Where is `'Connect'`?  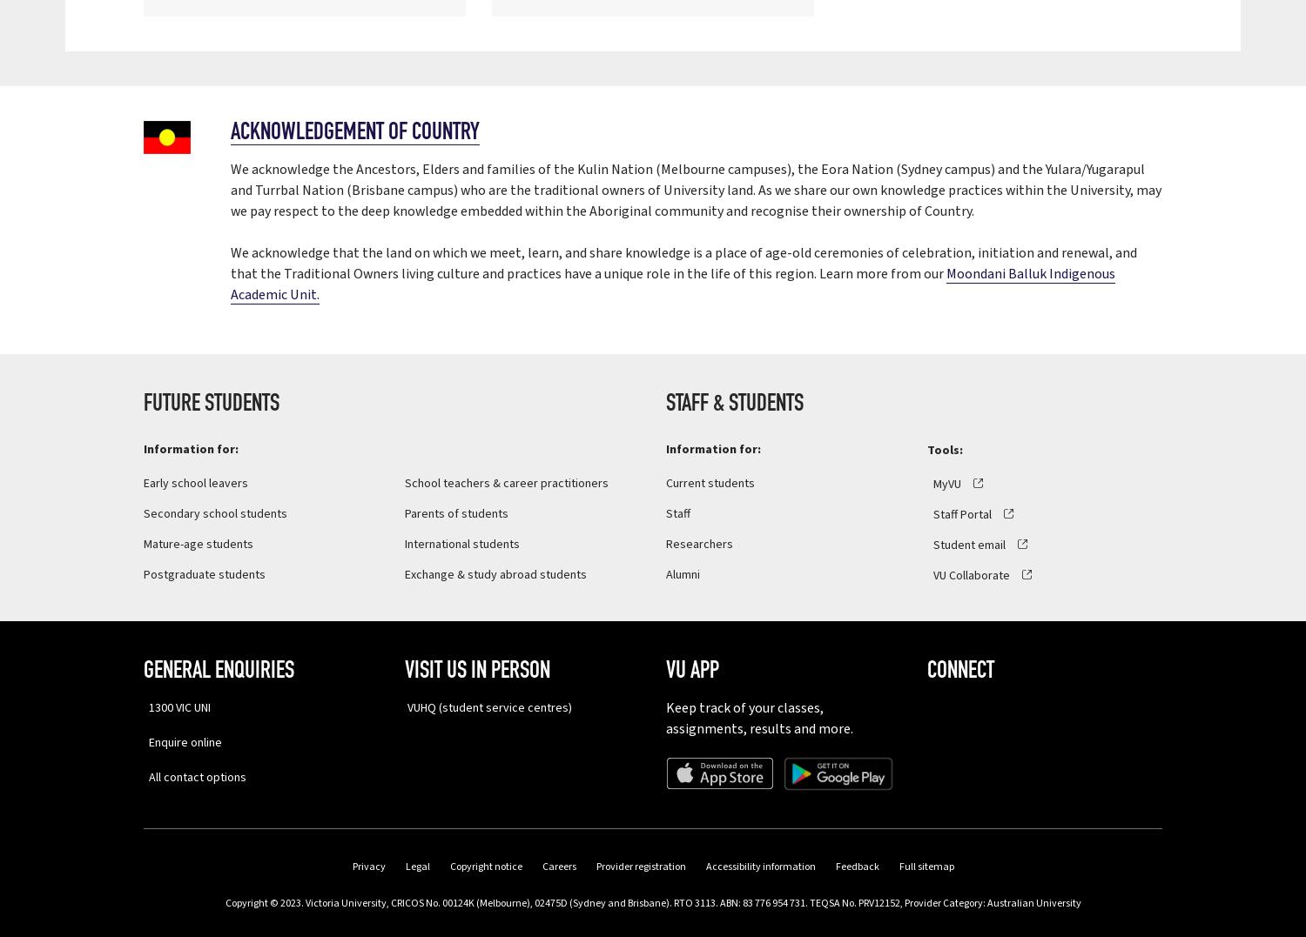
'Connect' is located at coordinates (926, 670).